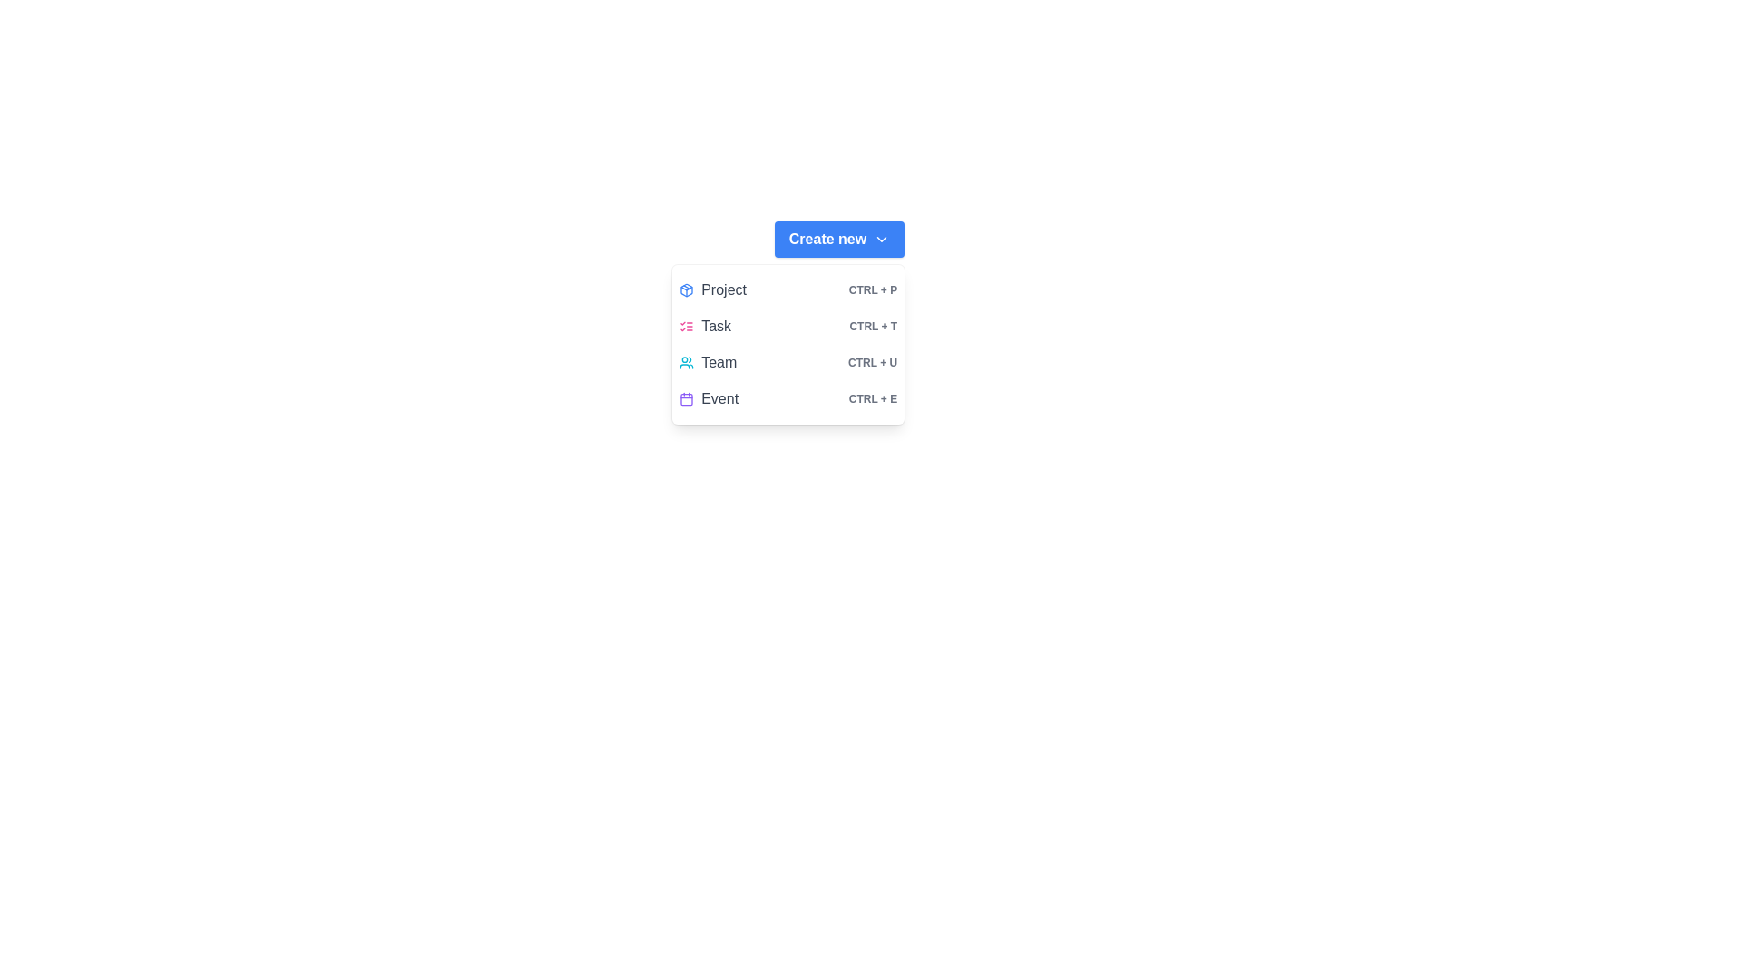 The image size is (1742, 980). What do you see at coordinates (838, 238) in the screenshot?
I see `the 'Create new' button with a blue background and white text, located at the top of the dropdown menu interface` at bounding box center [838, 238].